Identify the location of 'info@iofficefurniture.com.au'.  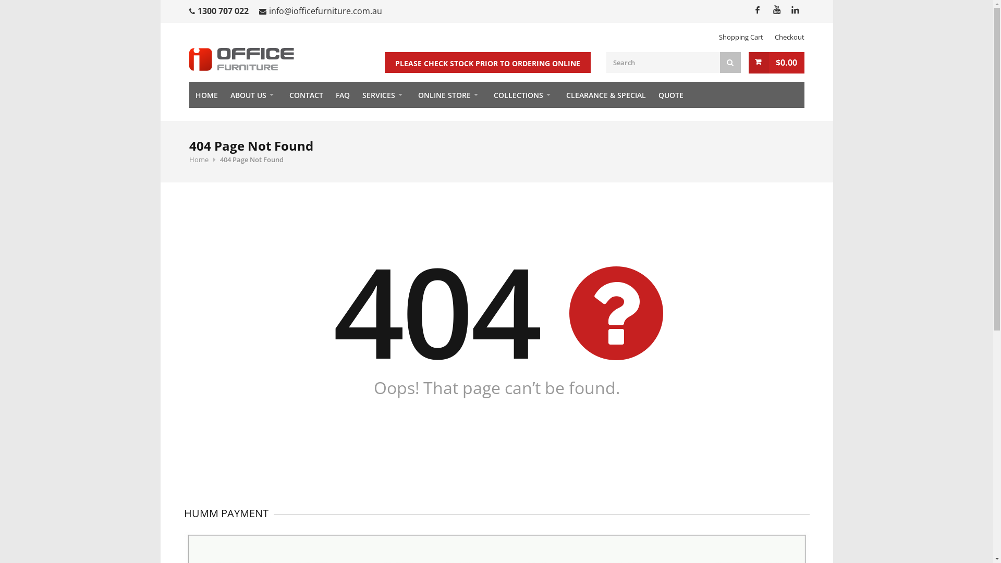
(325, 10).